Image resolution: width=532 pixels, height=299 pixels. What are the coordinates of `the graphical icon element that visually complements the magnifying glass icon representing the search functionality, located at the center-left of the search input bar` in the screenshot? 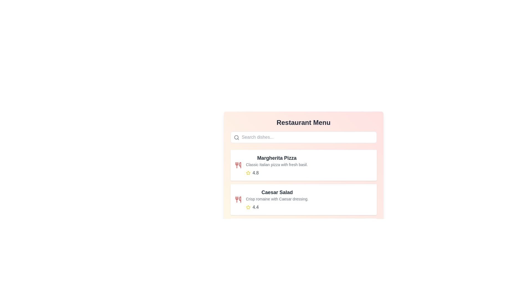 It's located at (236, 137).